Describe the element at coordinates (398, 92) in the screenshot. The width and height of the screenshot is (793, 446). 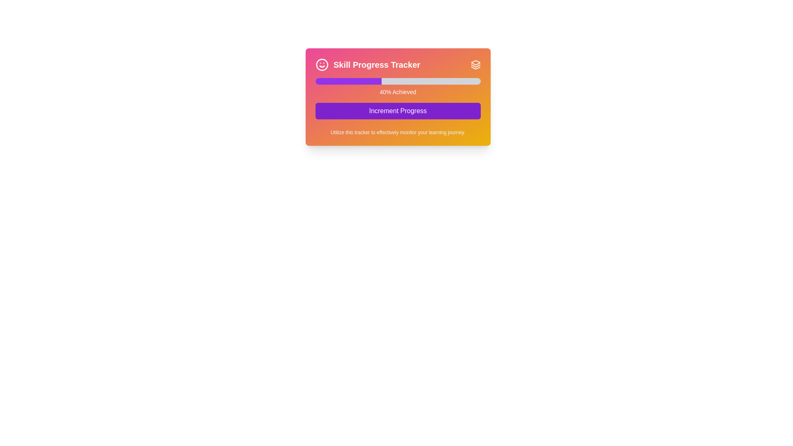
I see `the Label displaying '40% Achieved' which is located beneath the progress bar and above the 'Increment Progress' button in the Skill Progress Tracker` at that location.